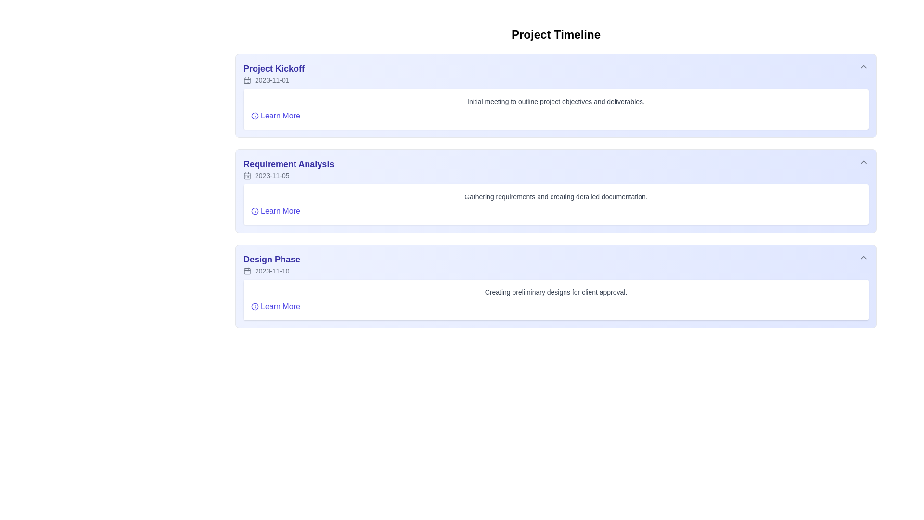 This screenshot has width=924, height=520. I want to click on displayed text of the label which shows 'Requirement Analysis' in bold blue font and '2023-11-05' in lighter gray font, located in a vertical list as the second item, so click(288, 169).